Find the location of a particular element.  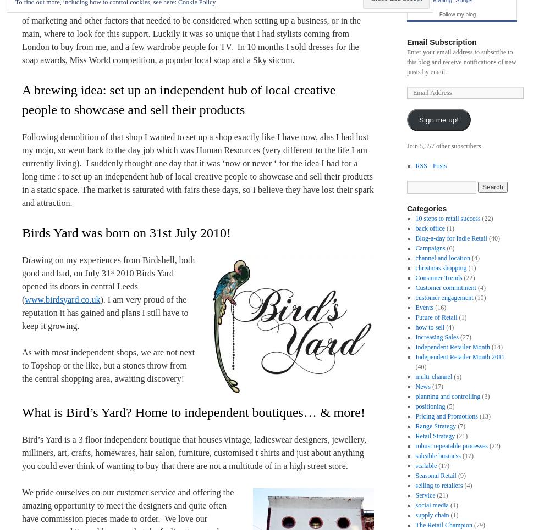

'(9)' is located at coordinates (455, 475).